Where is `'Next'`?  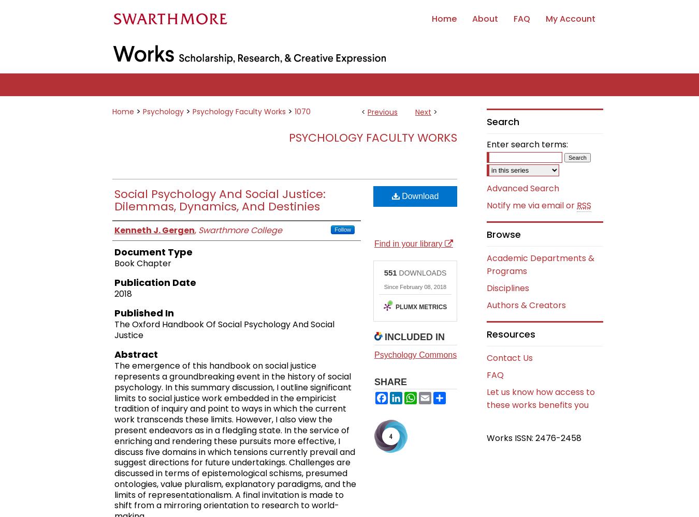 'Next' is located at coordinates (423, 112).